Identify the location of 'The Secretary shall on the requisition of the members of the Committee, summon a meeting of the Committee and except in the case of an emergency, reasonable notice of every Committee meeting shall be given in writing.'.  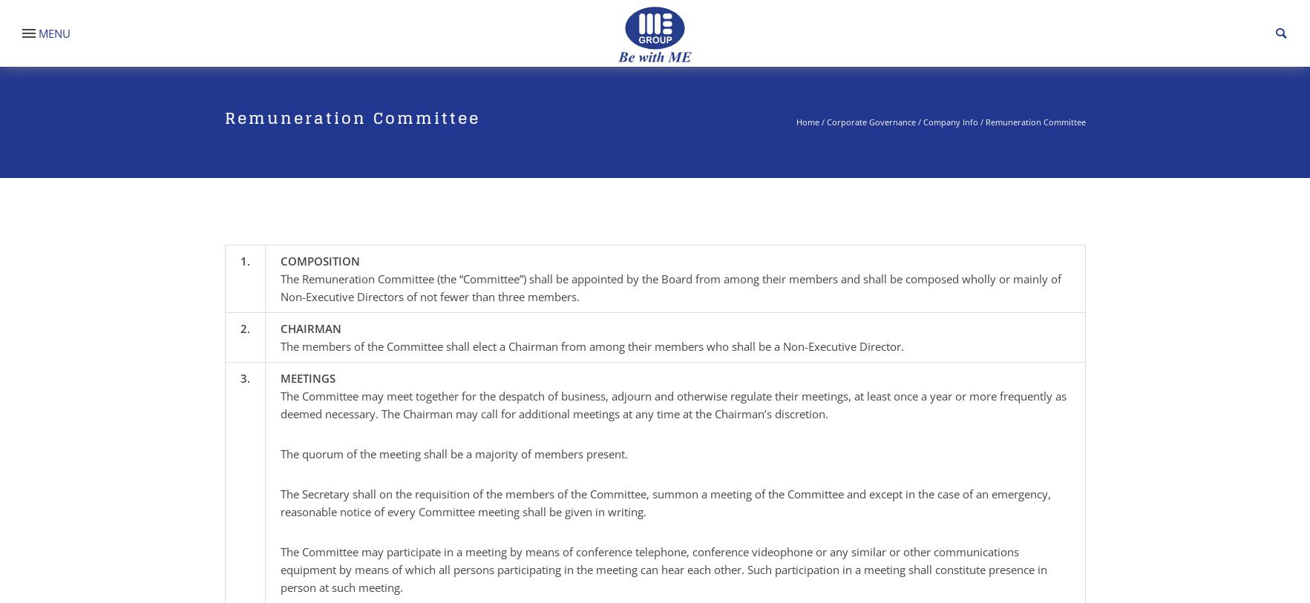
(664, 502).